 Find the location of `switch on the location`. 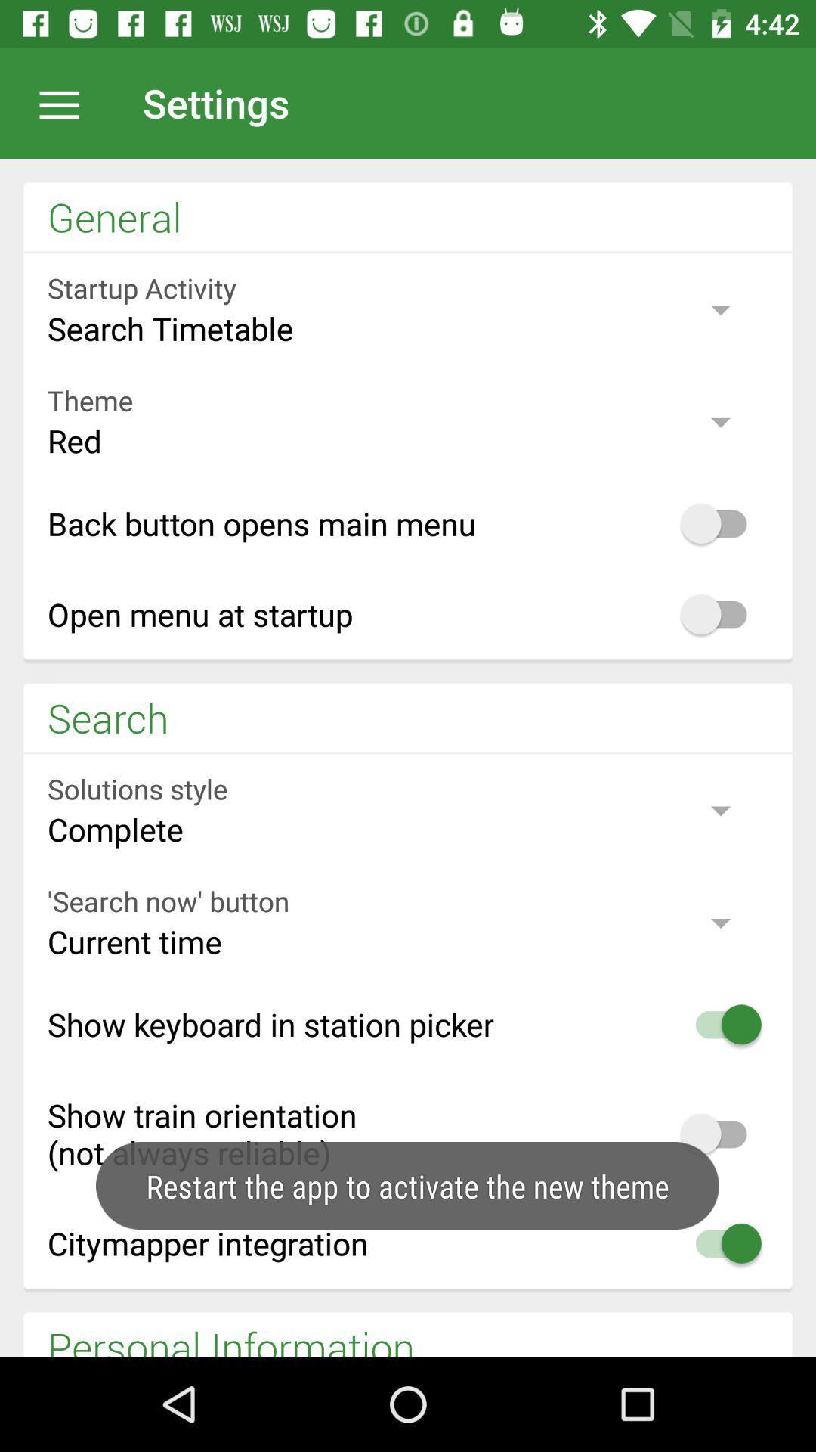

switch on the location is located at coordinates (66, 102).